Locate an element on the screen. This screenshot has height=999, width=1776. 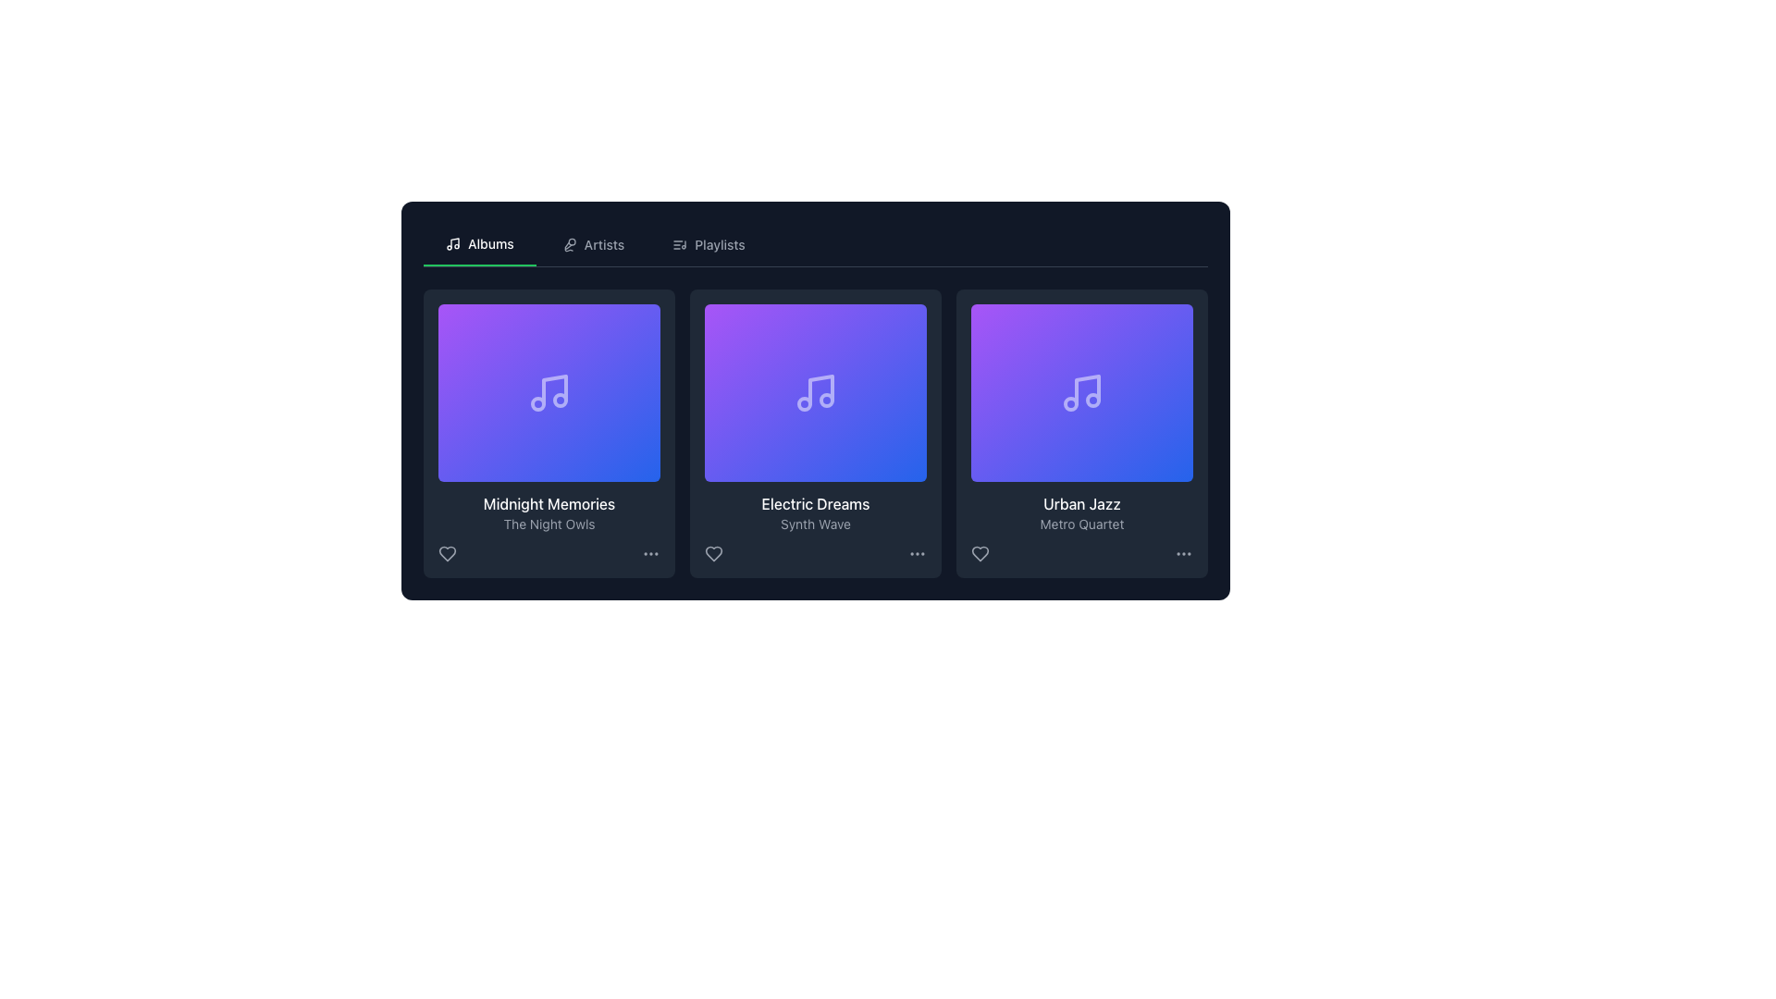
the text label providing supplemental detail for the album 'Electric Dreams' is located at coordinates (815, 524).